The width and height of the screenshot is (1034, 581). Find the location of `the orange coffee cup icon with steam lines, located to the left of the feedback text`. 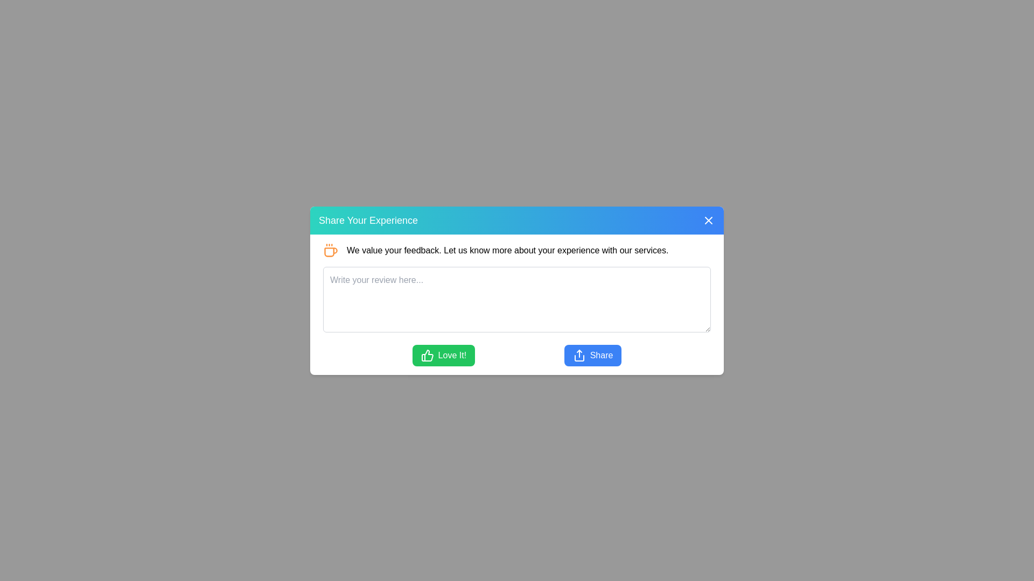

the orange coffee cup icon with steam lines, located to the left of the feedback text is located at coordinates (330, 250).